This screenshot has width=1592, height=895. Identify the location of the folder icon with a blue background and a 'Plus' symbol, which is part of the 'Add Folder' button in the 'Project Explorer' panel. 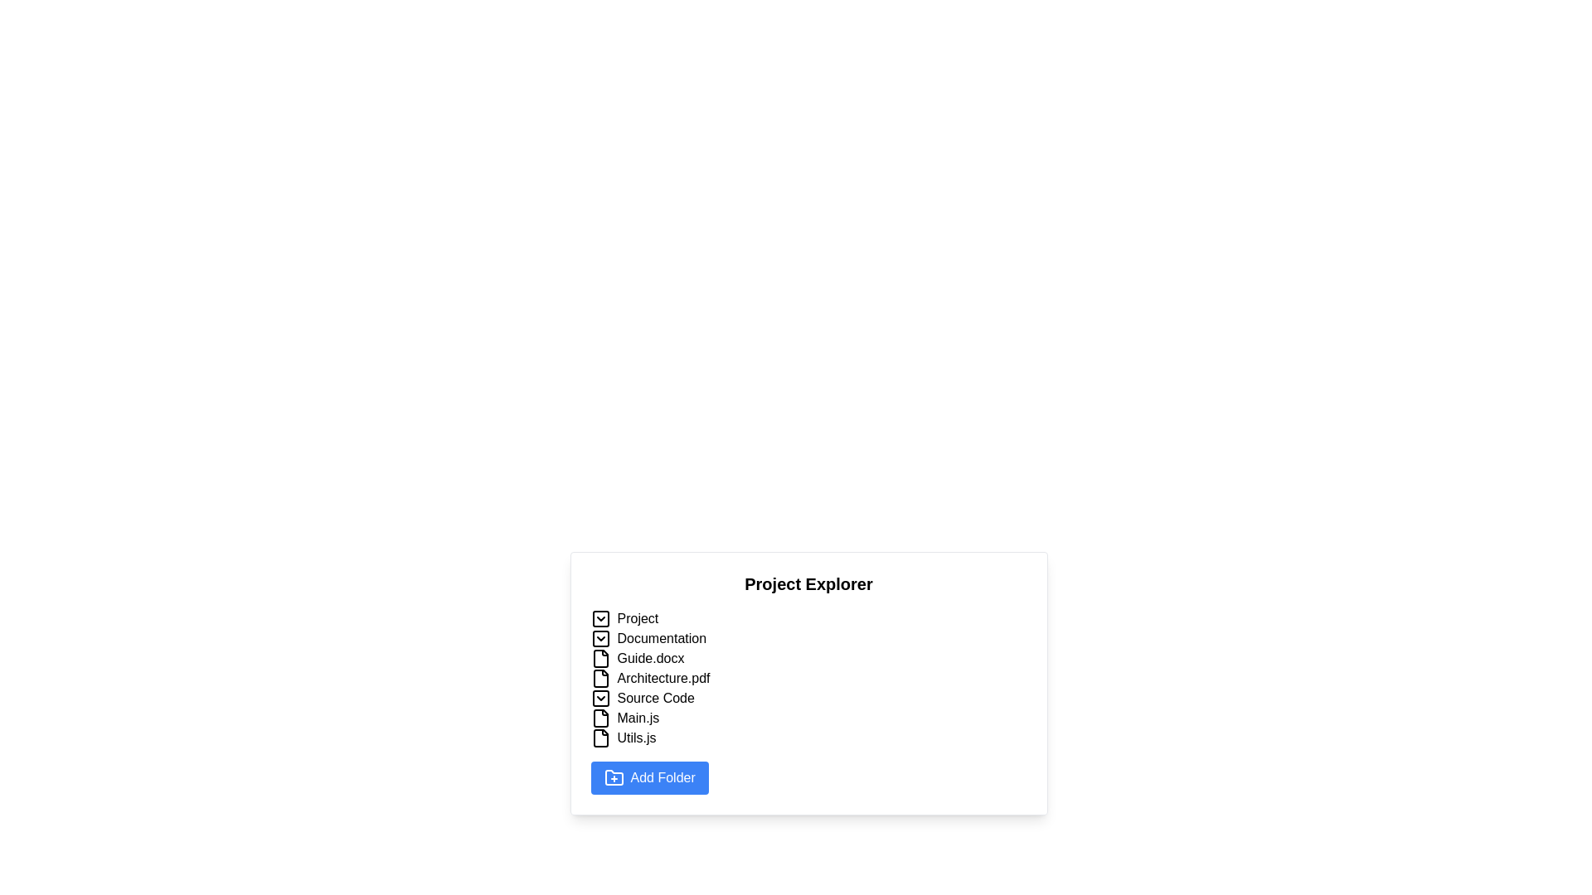
(613, 777).